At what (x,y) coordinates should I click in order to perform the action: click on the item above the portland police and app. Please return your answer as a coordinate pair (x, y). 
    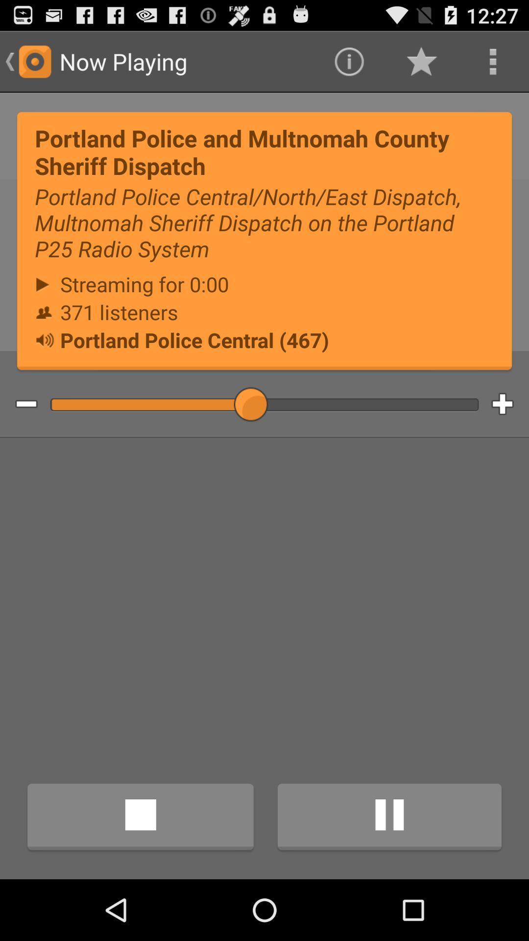
    Looking at the image, I should click on (493, 61).